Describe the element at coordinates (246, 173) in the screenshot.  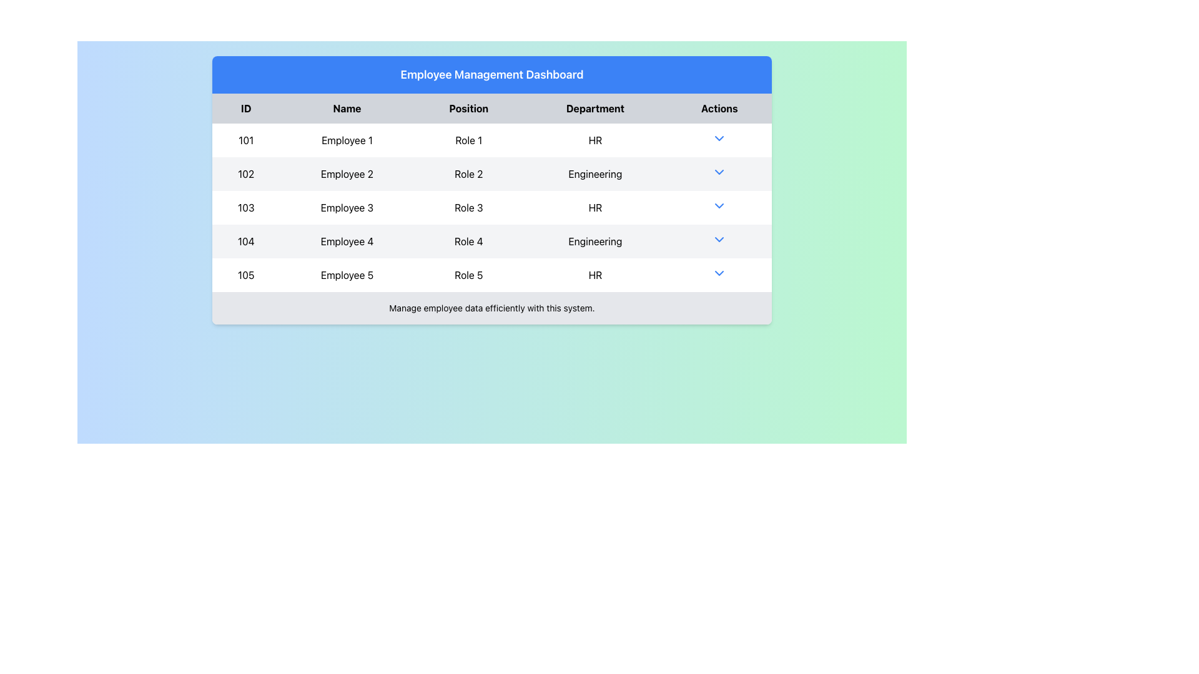
I see `the static text element that identifies the row for 'Employee 2' in the first column of the table under the 'ID' header` at that location.